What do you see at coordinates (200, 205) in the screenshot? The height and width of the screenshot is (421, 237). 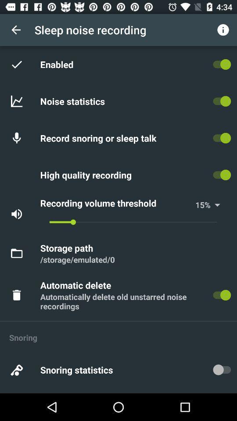 I see `the 15 item` at bounding box center [200, 205].